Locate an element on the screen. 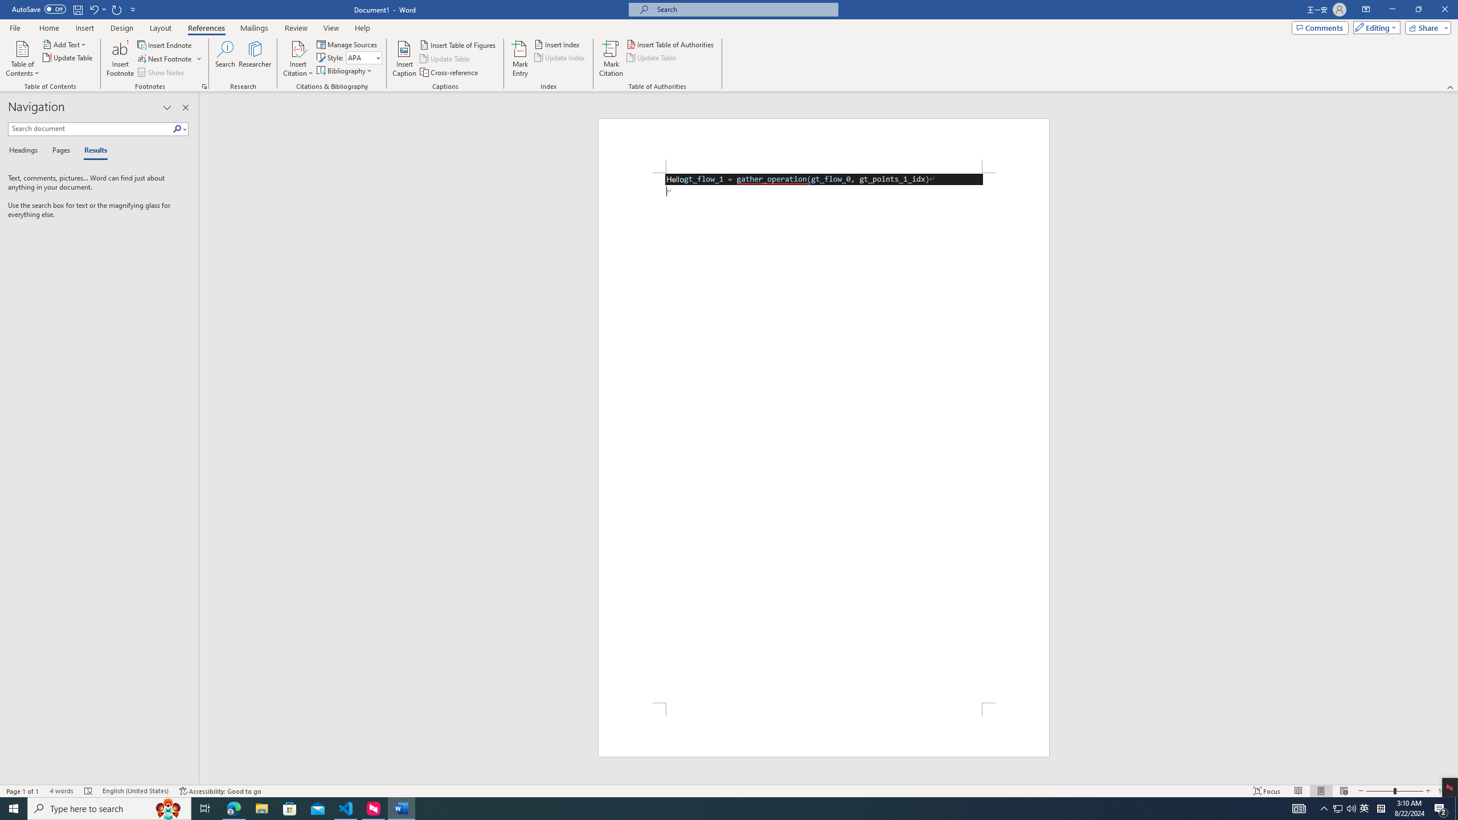 The height and width of the screenshot is (820, 1458). 'Insert Table of Authorities...' is located at coordinates (671, 44).